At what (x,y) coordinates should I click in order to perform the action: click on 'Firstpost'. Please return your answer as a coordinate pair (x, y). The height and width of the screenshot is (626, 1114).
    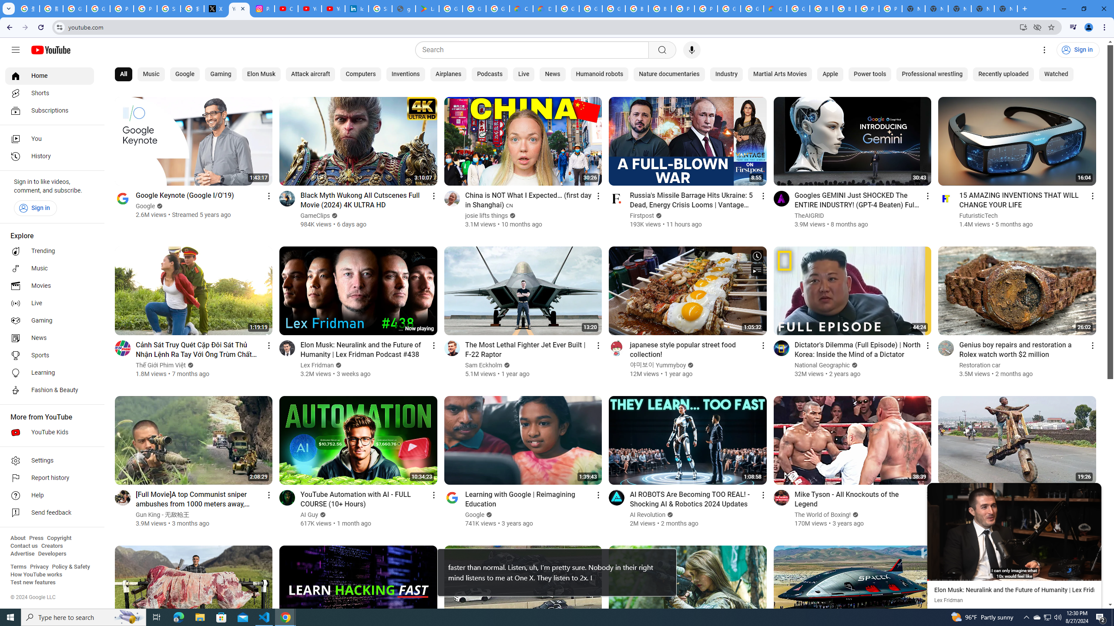
    Looking at the image, I should click on (642, 215).